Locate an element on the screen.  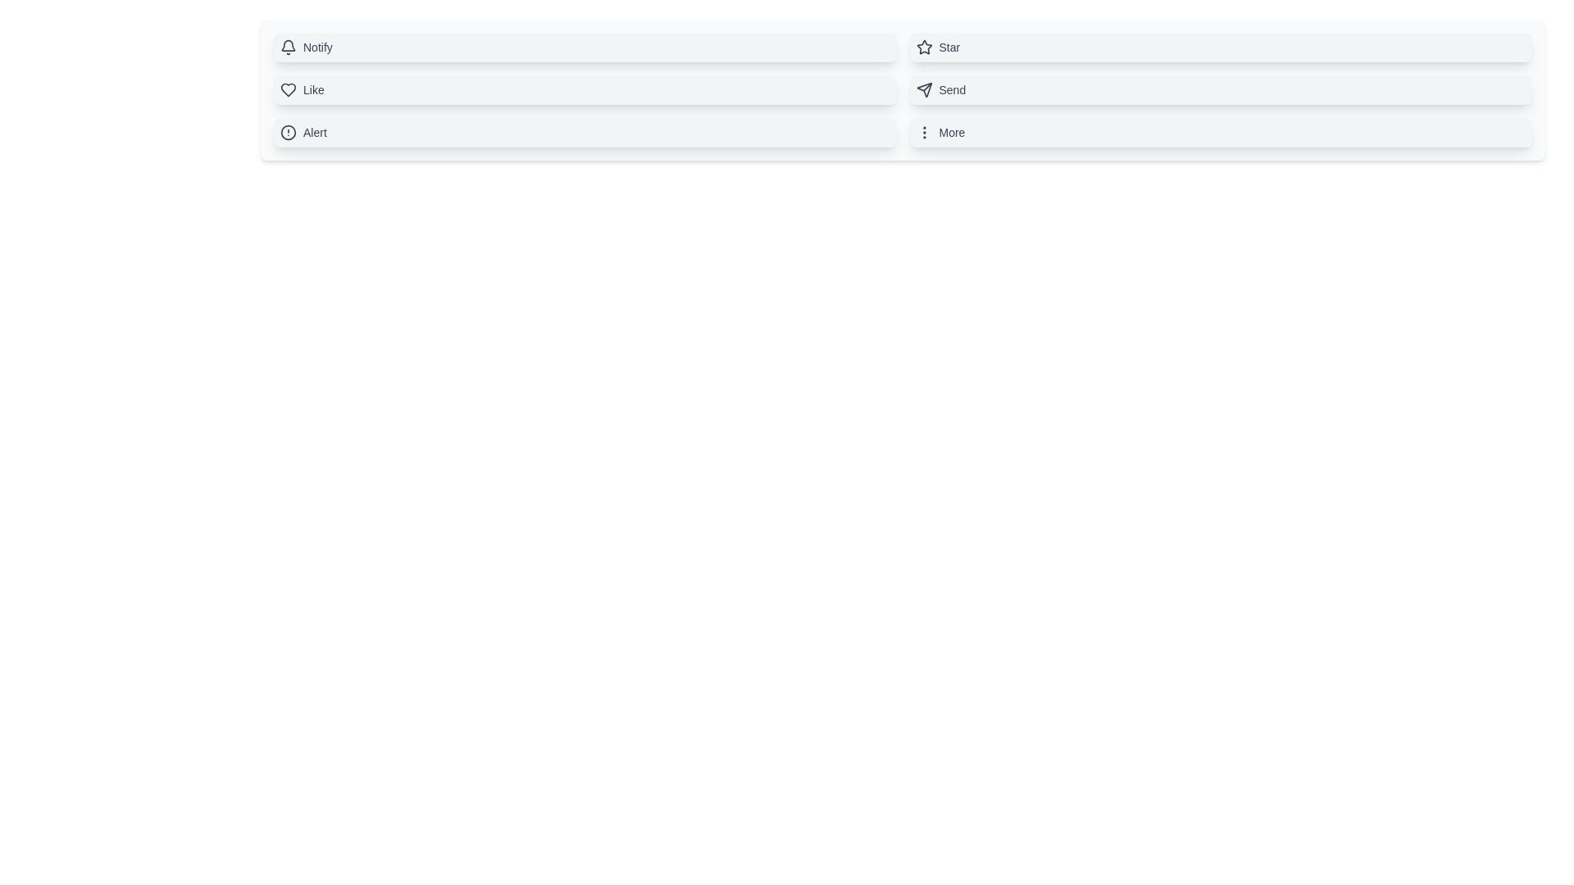
the notification icon, which is part of a bell-shaped icon located at the top-left corner of the interface within the first item in a vertical list of options is located at coordinates (288, 44).